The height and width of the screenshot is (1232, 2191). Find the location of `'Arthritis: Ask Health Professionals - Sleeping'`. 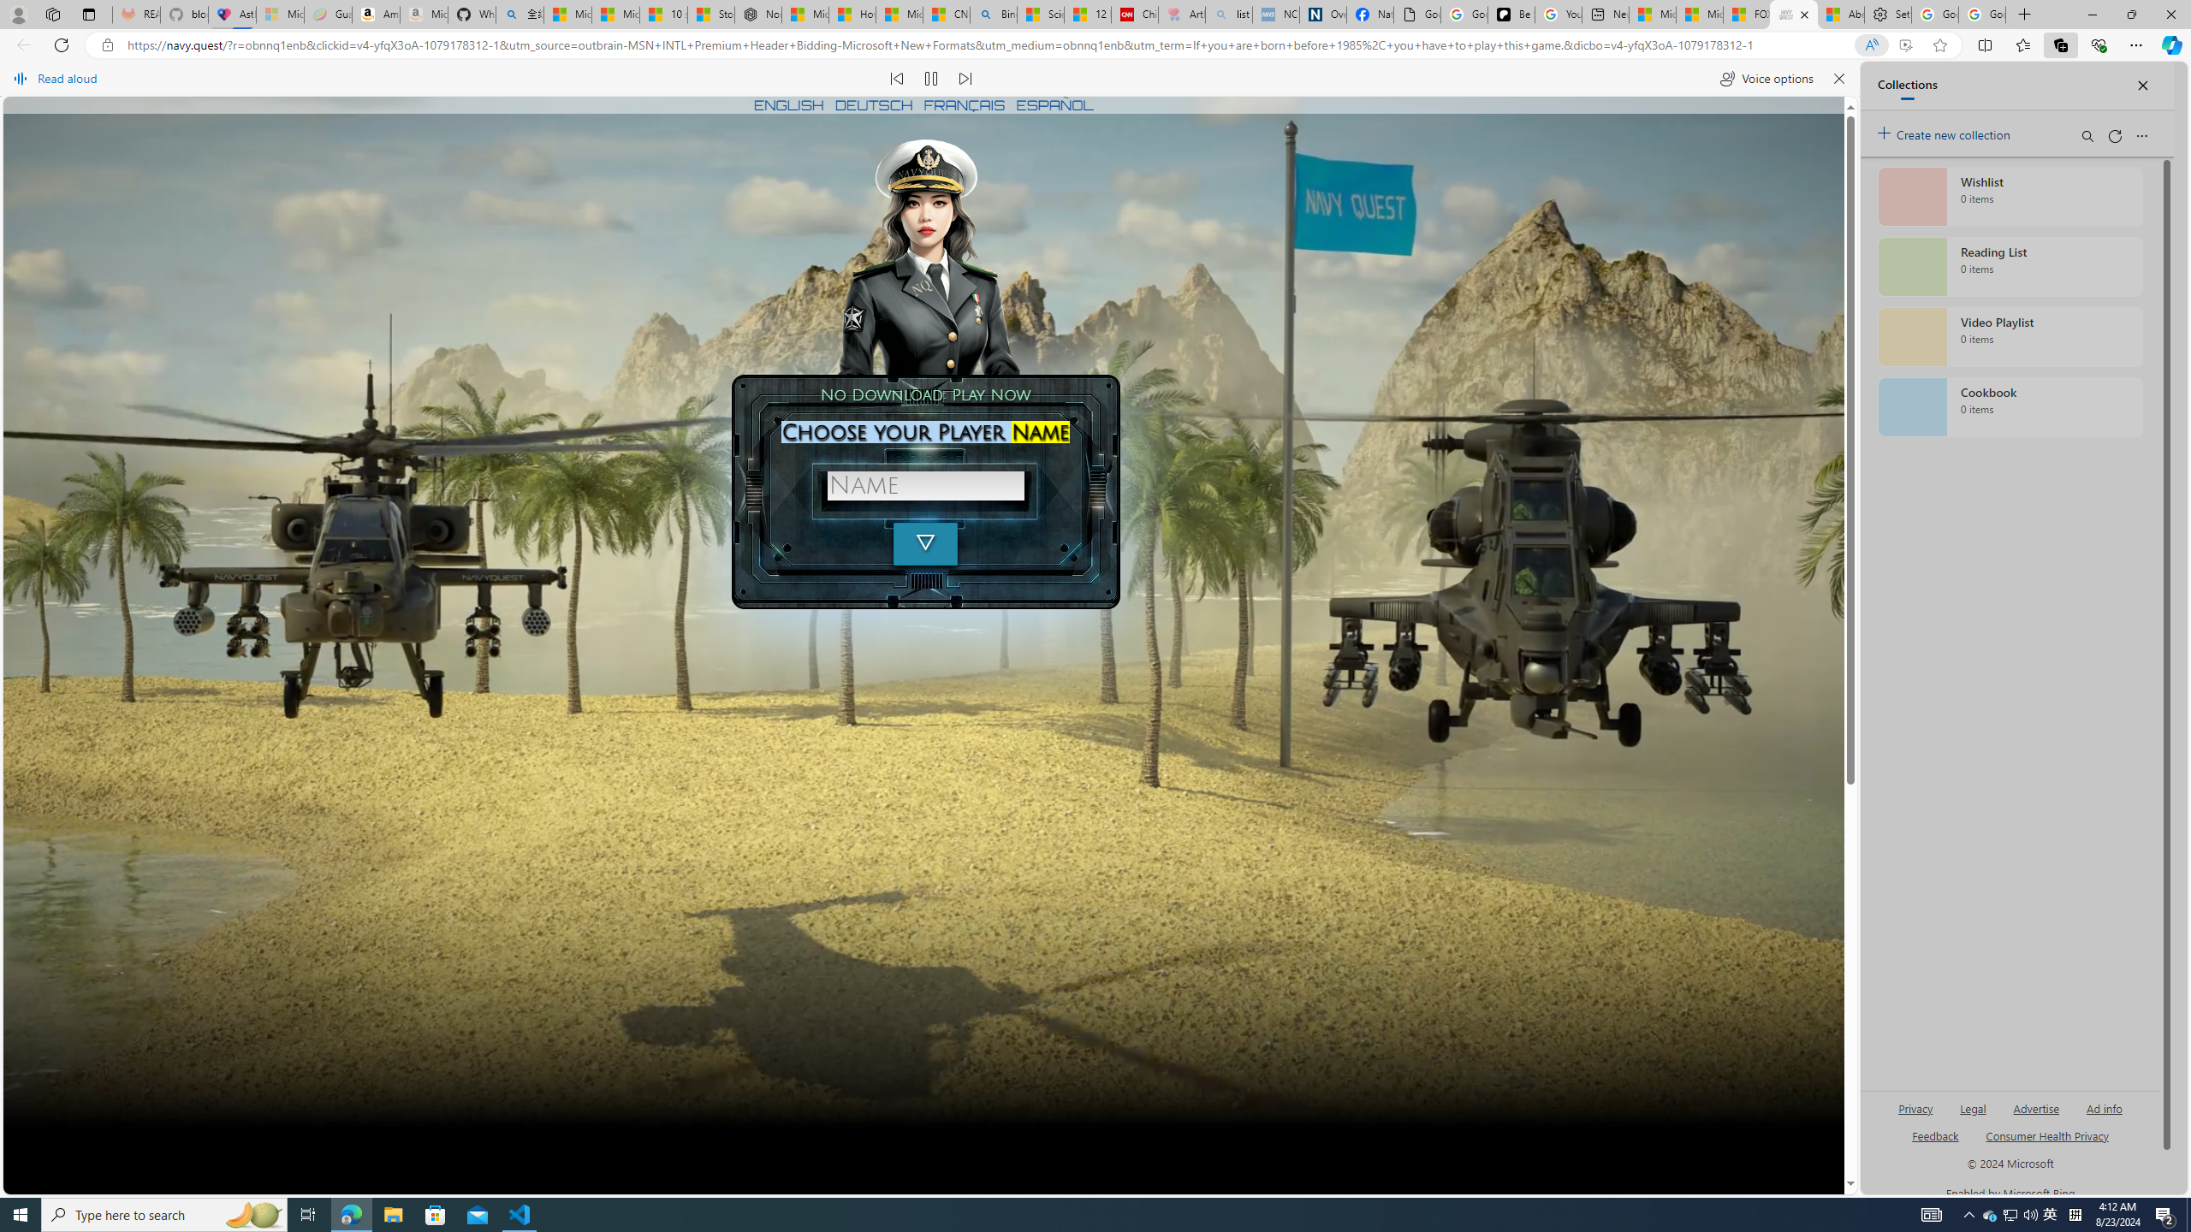

'Arthritis: Ask Health Professionals - Sleeping' is located at coordinates (1182, 14).